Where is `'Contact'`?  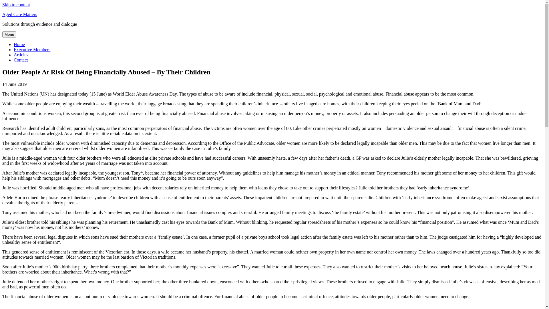
'Contact' is located at coordinates (21, 60).